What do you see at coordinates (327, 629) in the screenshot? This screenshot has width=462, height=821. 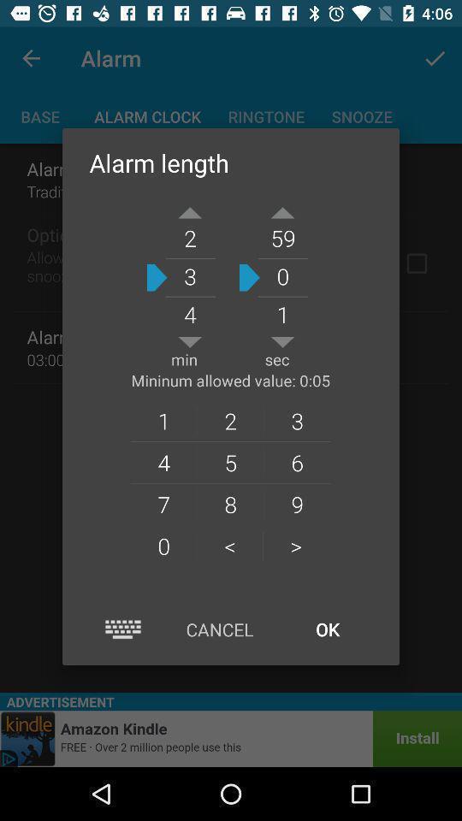 I see `ok item` at bounding box center [327, 629].